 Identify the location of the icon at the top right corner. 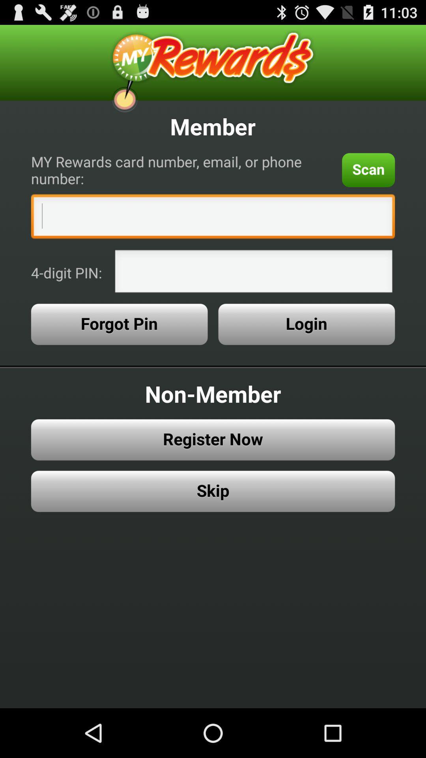
(368, 169).